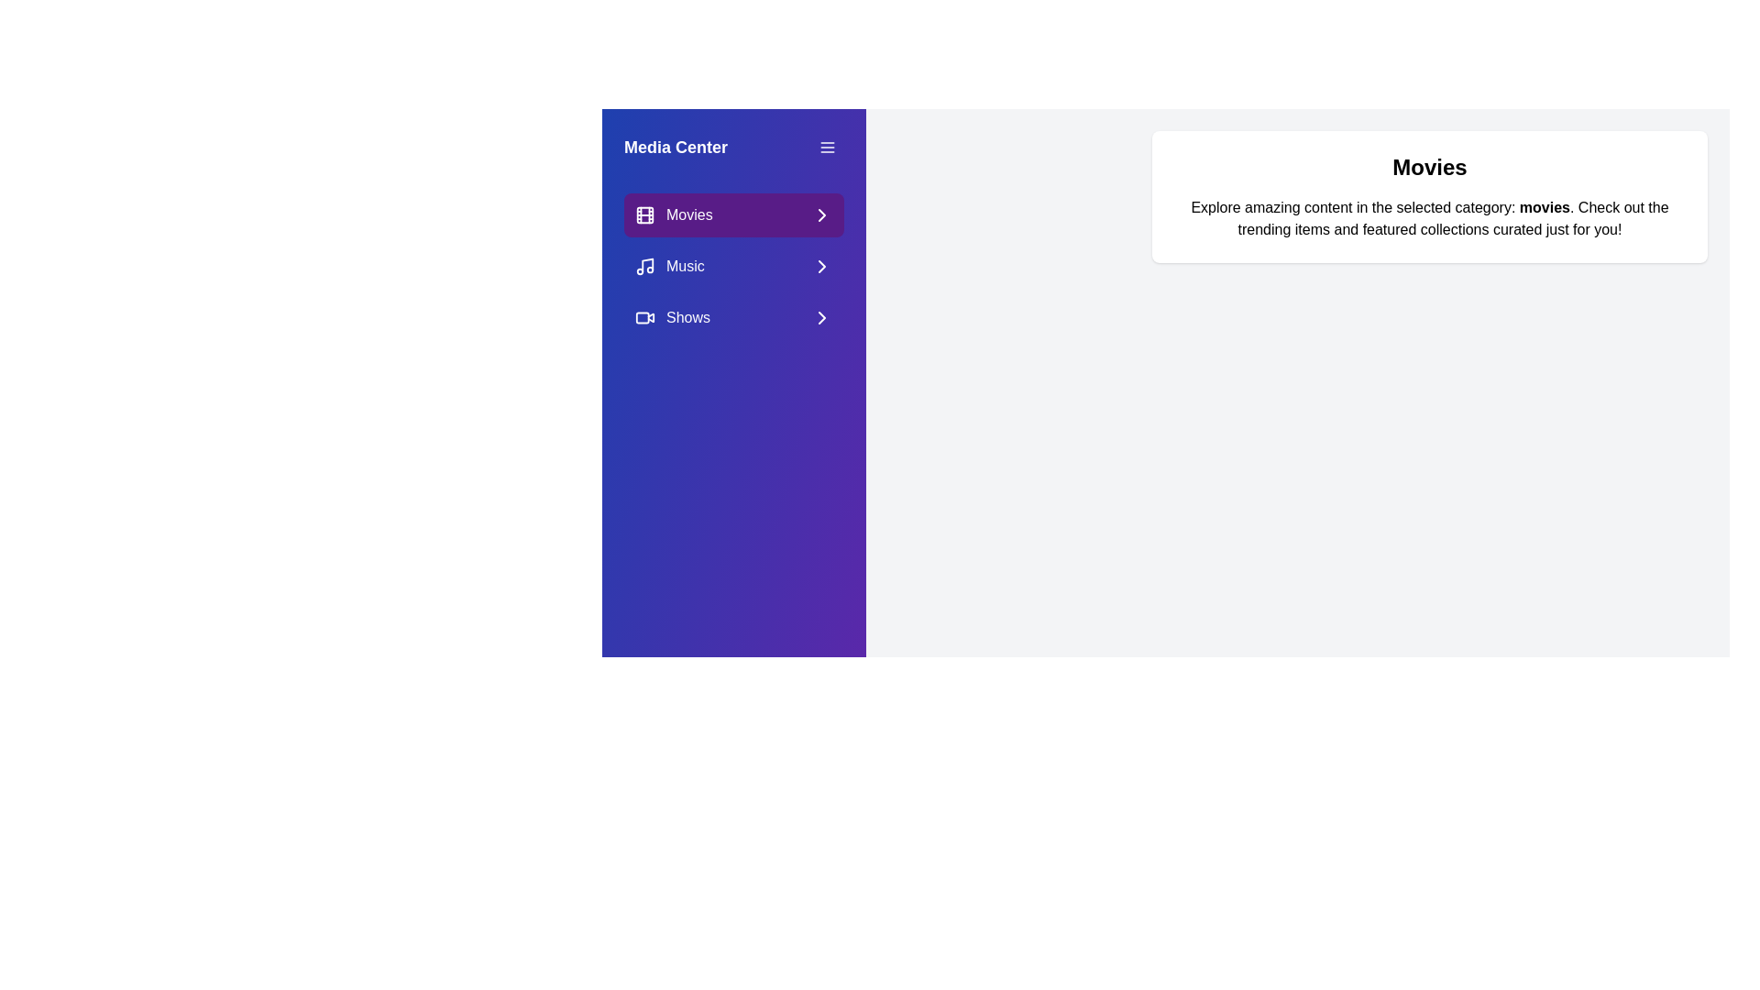 The width and height of the screenshot is (1760, 990). Describe the element at coordinates (821, 266) in the screenshot. I see `the right-pointing chevron arrow icon located next to the 'Music' label in the sidebar menu` at that location.